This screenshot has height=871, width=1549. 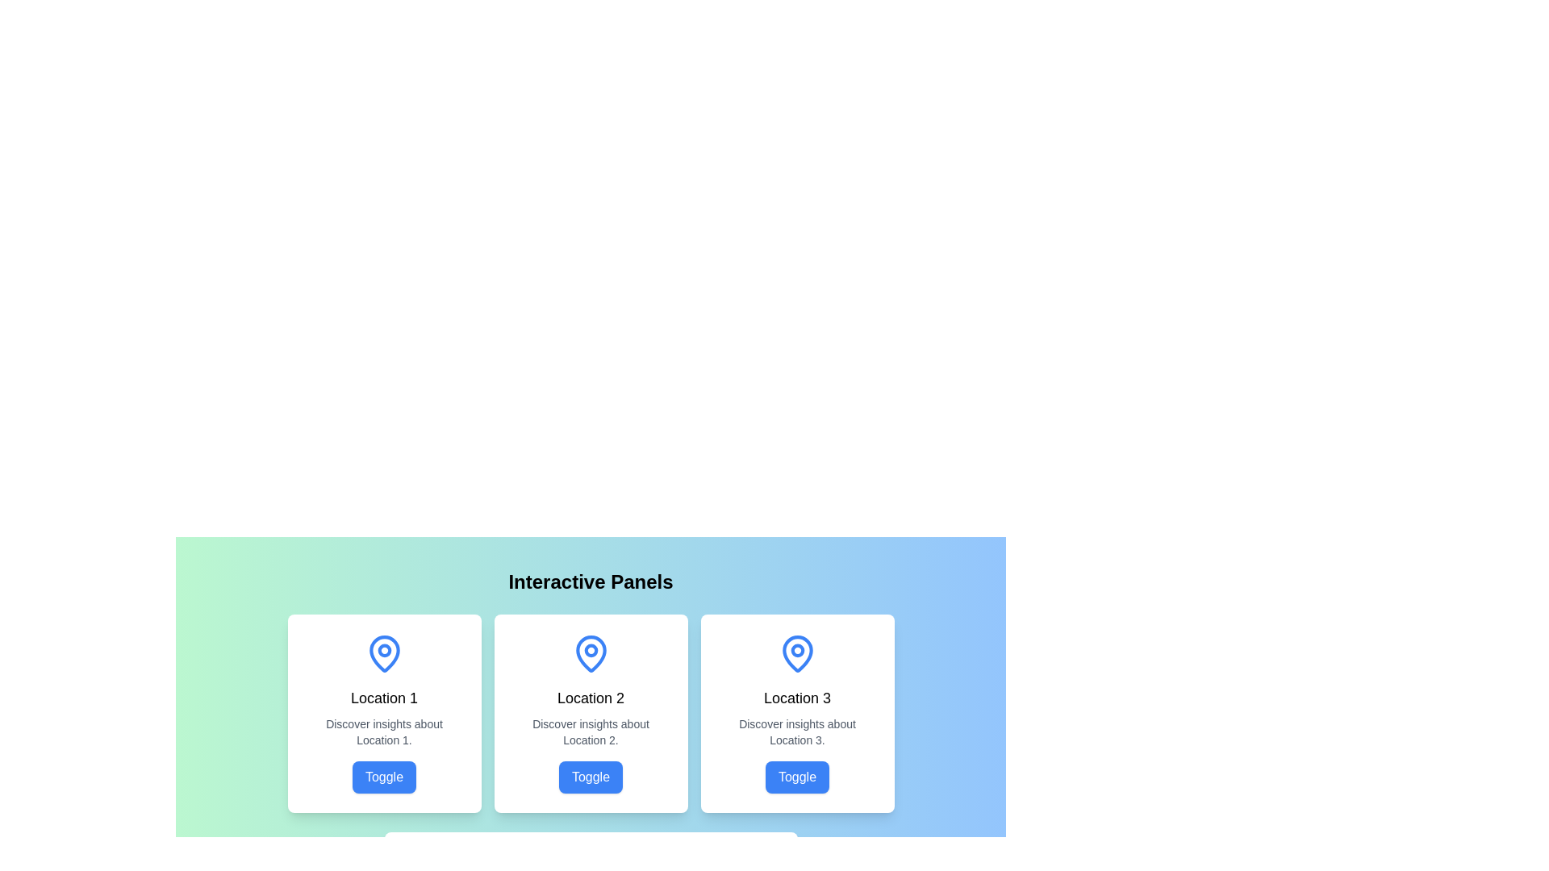 I want to click on the informational text that reads 'Discover insights about Location 3.' which is located in the third card from the left, below the 'Location 3' heading and above the 'Toggle' button, so click(x=797, y=731).